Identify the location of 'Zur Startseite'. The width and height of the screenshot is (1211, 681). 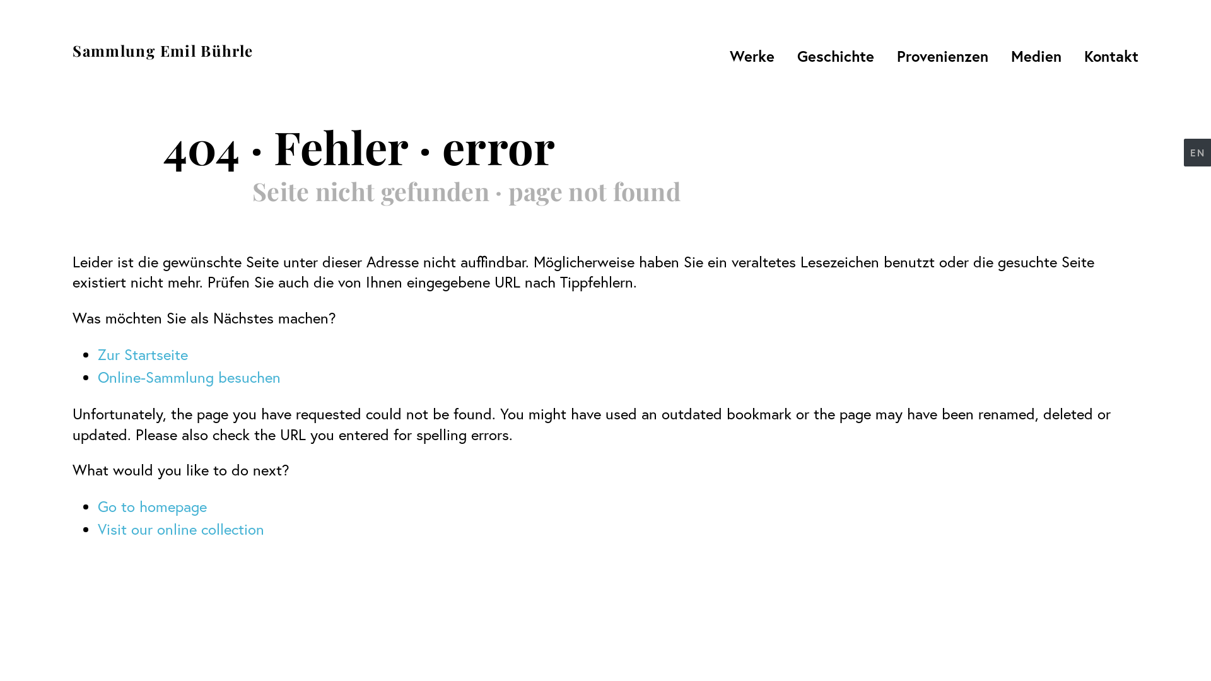
(143, 354).